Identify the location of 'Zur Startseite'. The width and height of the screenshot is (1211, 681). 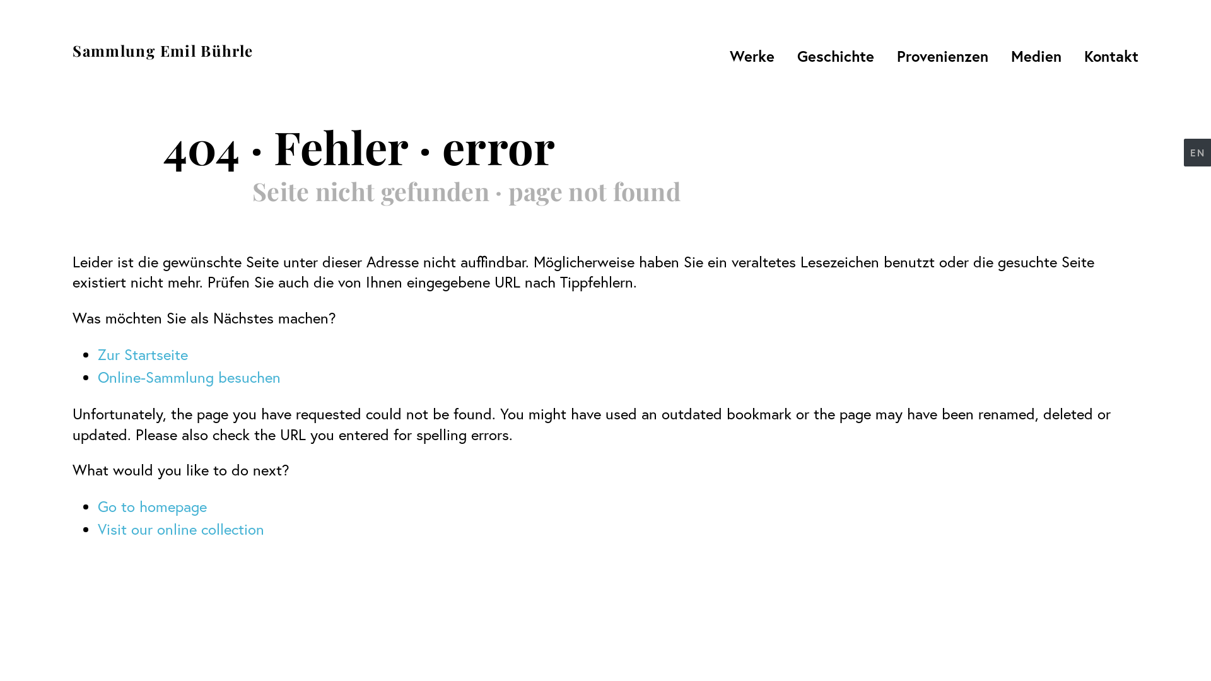
(143, 354).